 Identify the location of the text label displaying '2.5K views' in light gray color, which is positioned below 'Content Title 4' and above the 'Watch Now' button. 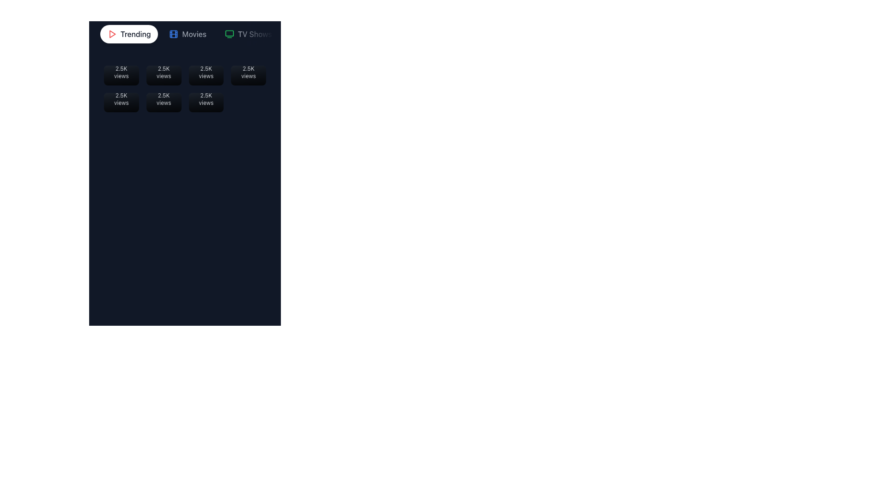
(249, 67).